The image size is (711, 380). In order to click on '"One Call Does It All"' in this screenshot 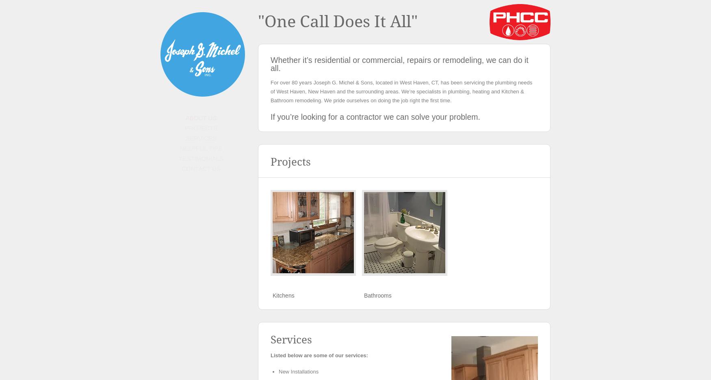, I will do `click(338, 22)`.